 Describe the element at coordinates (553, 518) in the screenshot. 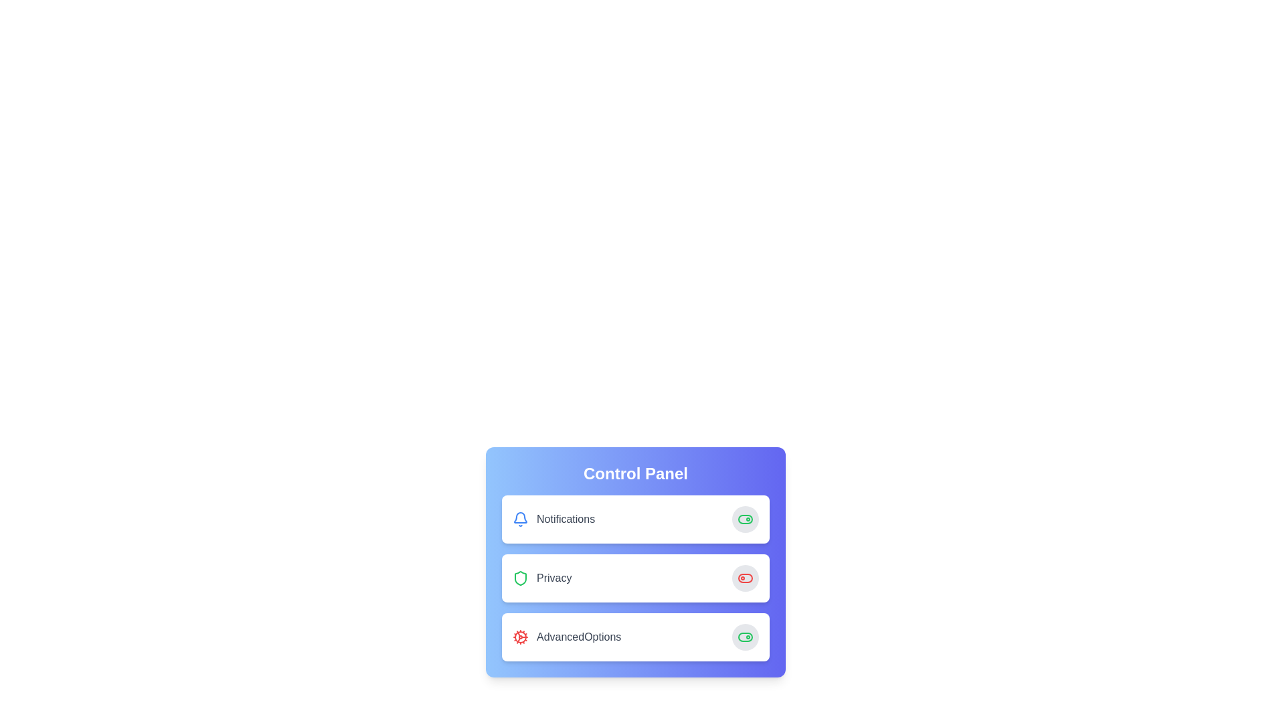

I see `the 'What this Text with Icon does' element located at the top of the vertical list in the 'Control Panel'` at that location.